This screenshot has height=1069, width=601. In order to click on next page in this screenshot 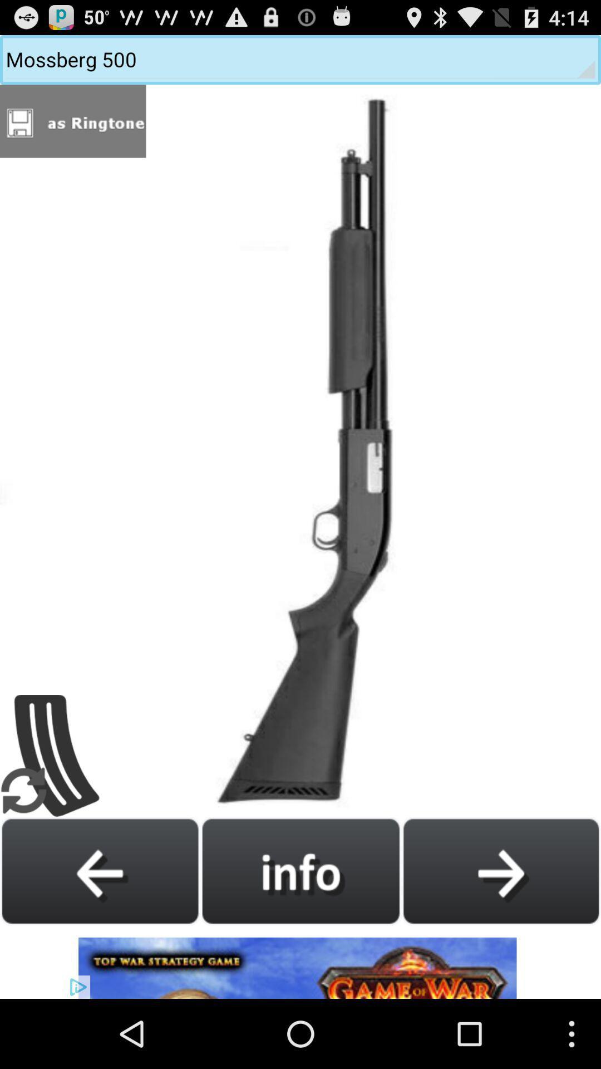, I will do `click(501, 870)`.